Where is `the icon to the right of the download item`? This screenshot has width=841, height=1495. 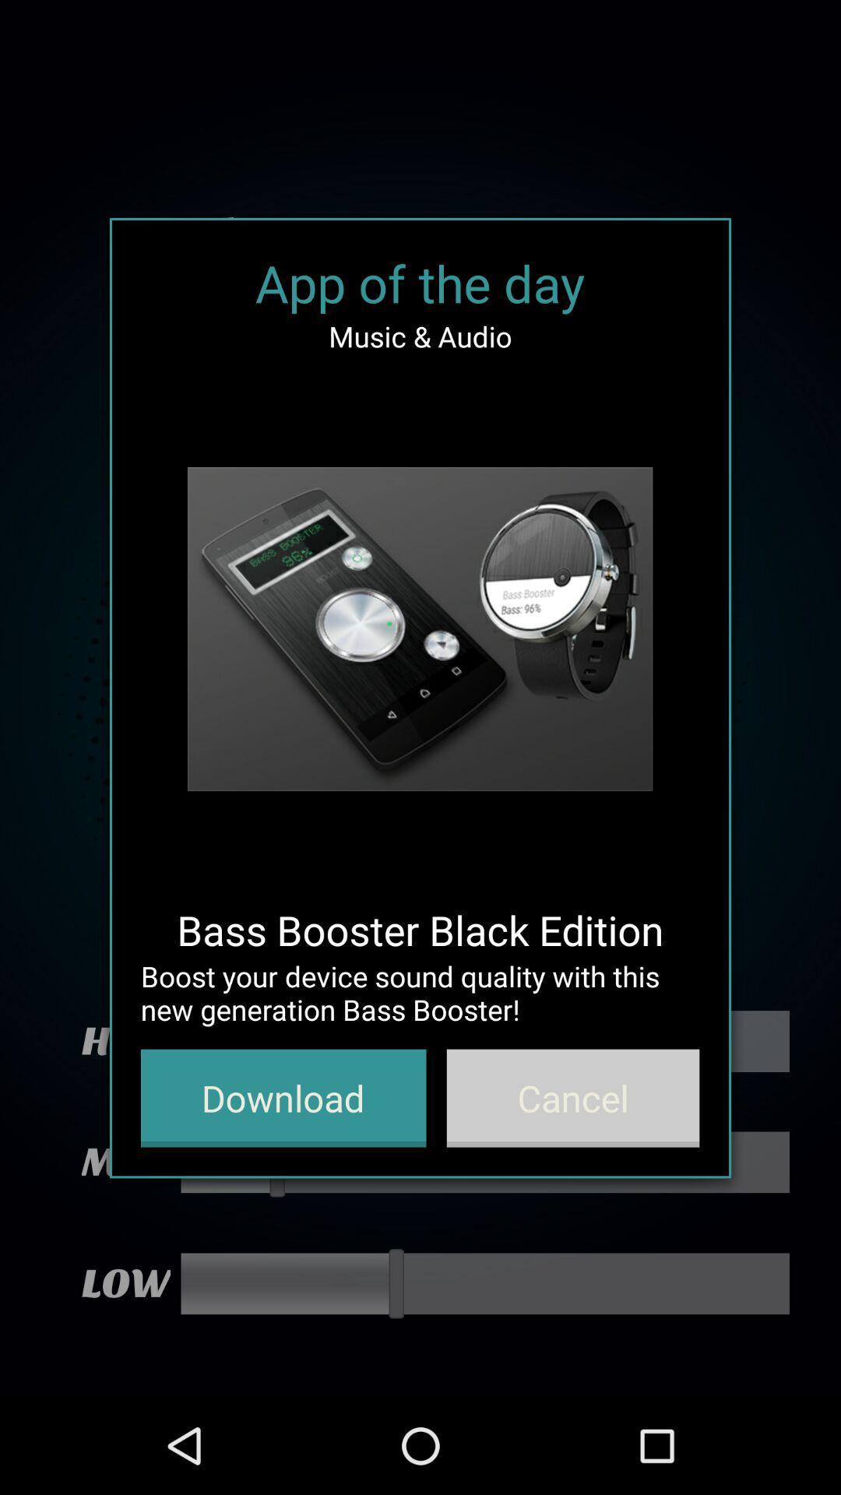 the icon to the right of the download item is located at coordinates (573, 1097).